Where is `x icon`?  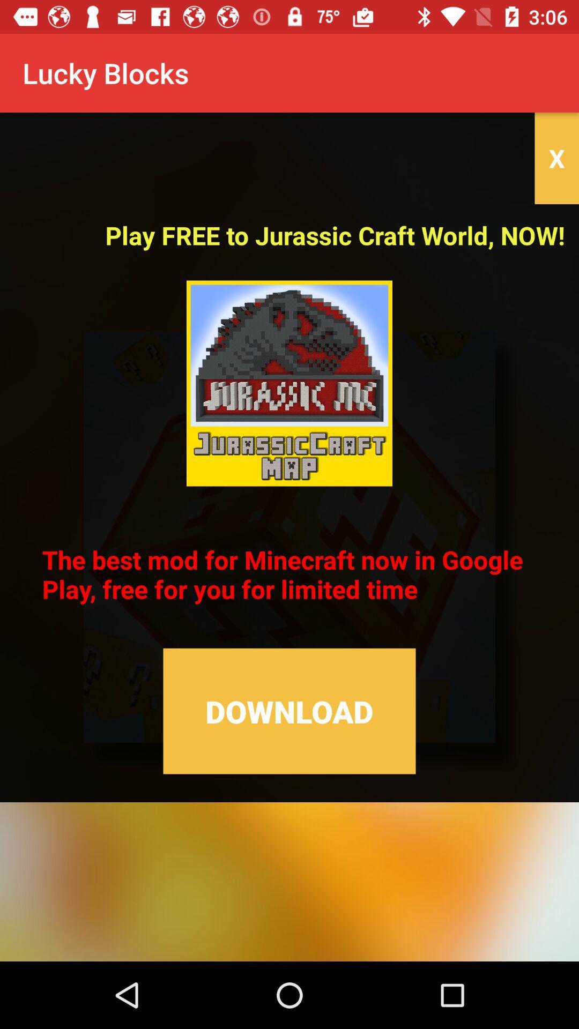 x icon is located at coordinates (556, 158).